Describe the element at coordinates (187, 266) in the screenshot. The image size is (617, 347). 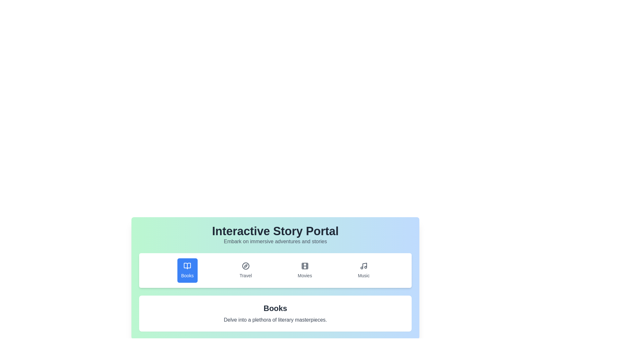
I see `the open book icon within the blue button labeled 'Books'` at that location.